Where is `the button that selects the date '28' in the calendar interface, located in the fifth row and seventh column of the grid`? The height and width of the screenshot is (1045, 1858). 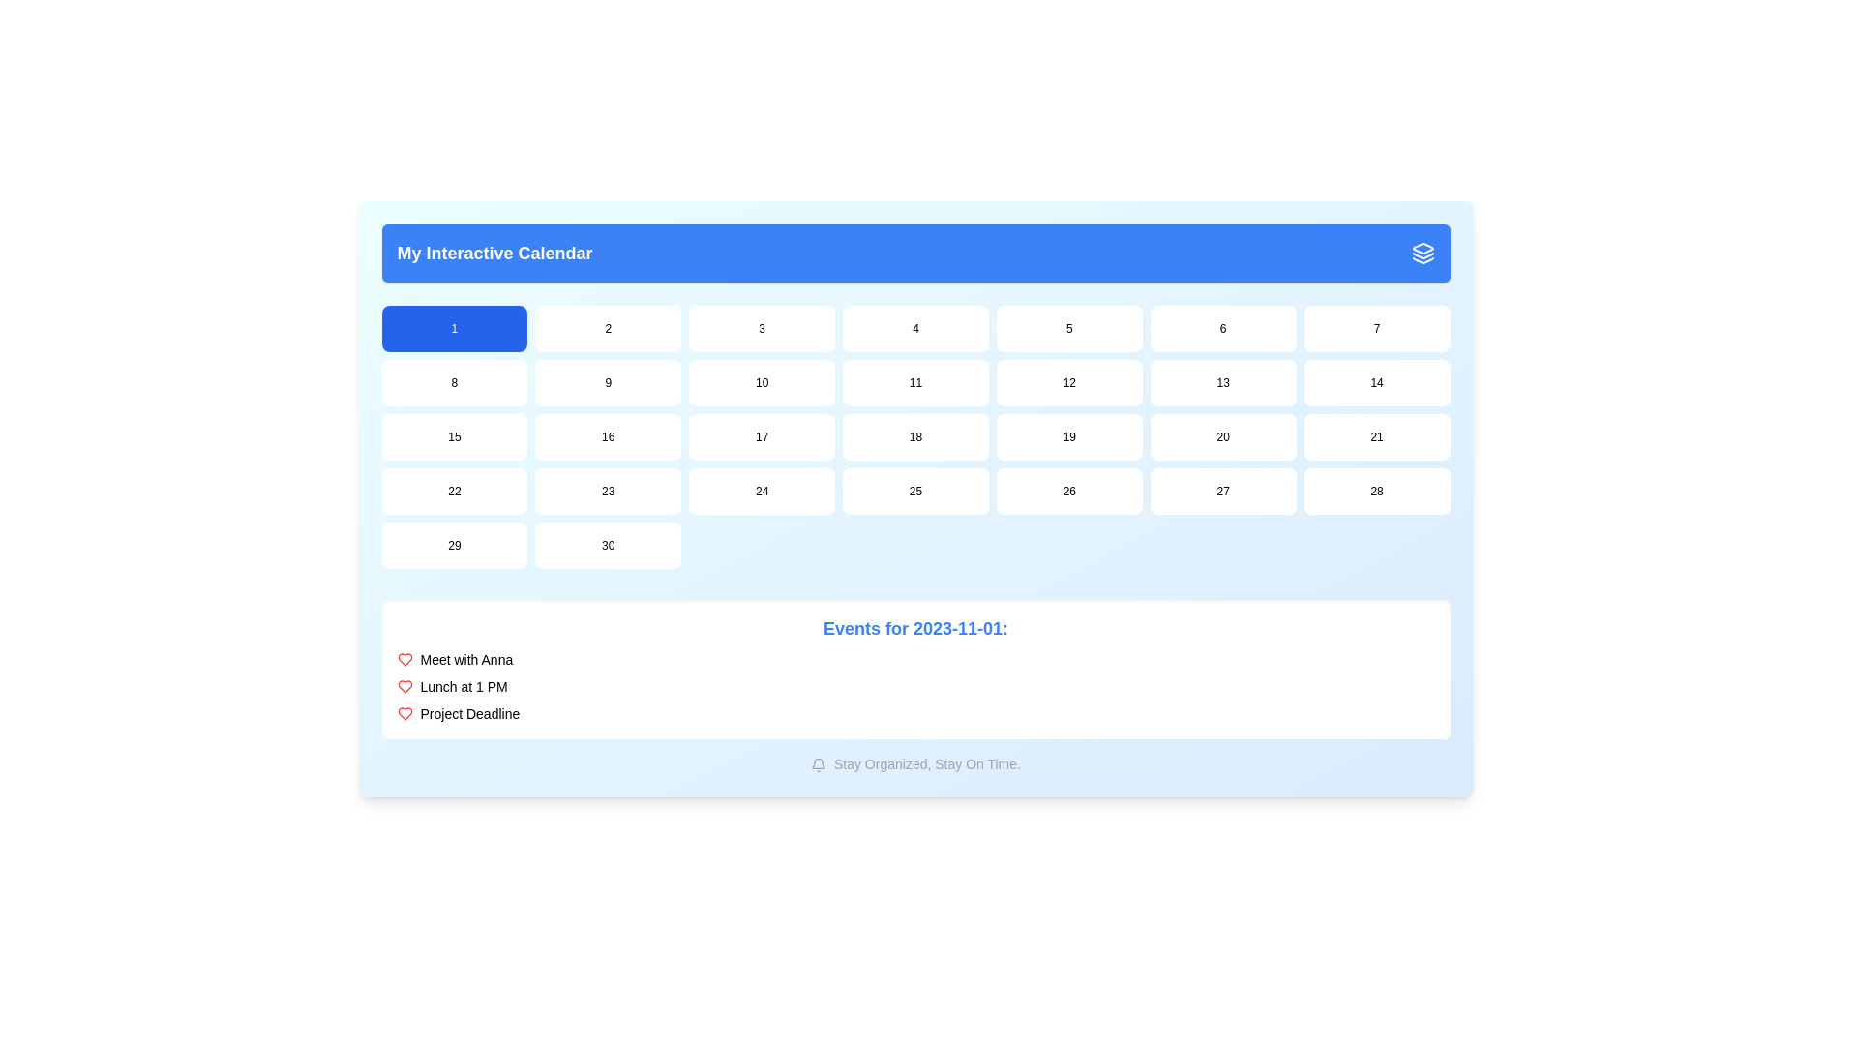
the button that selects the date '28' in the calendar interface, located in the fifth row and seventh column of the grid is located at coordinates (1376, 491).